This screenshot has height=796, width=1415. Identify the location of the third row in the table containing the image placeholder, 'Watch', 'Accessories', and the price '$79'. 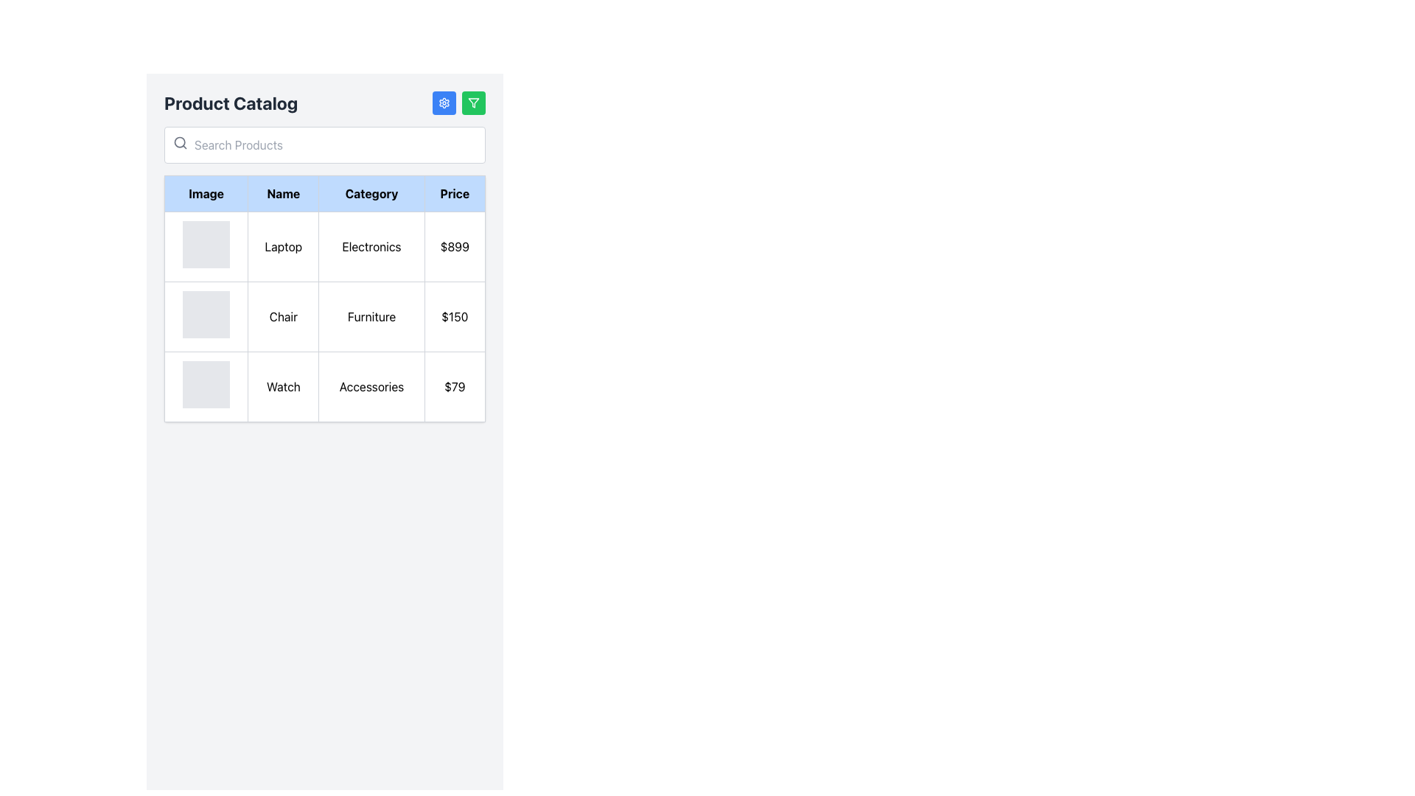
(324, 385).